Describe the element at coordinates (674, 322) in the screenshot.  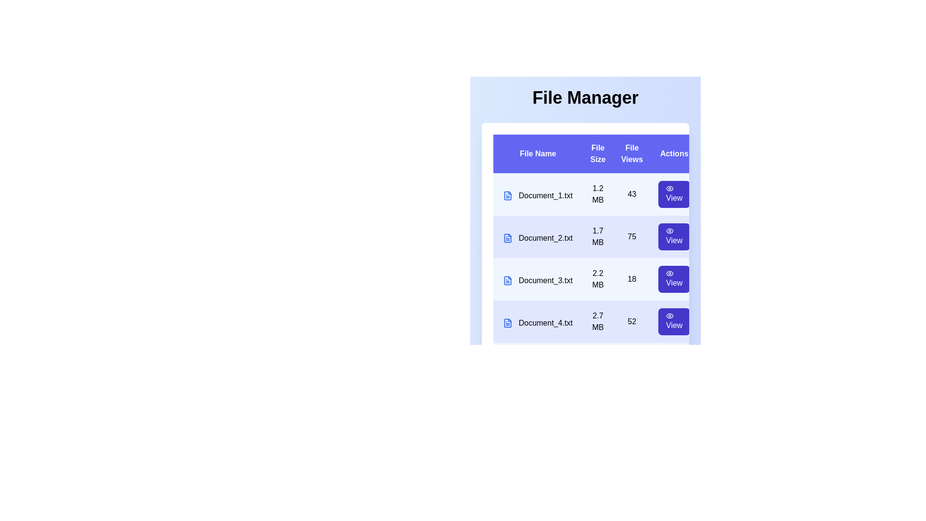
I see `the 'View' button corresponding to the file with name Document_4.txt` at that location.